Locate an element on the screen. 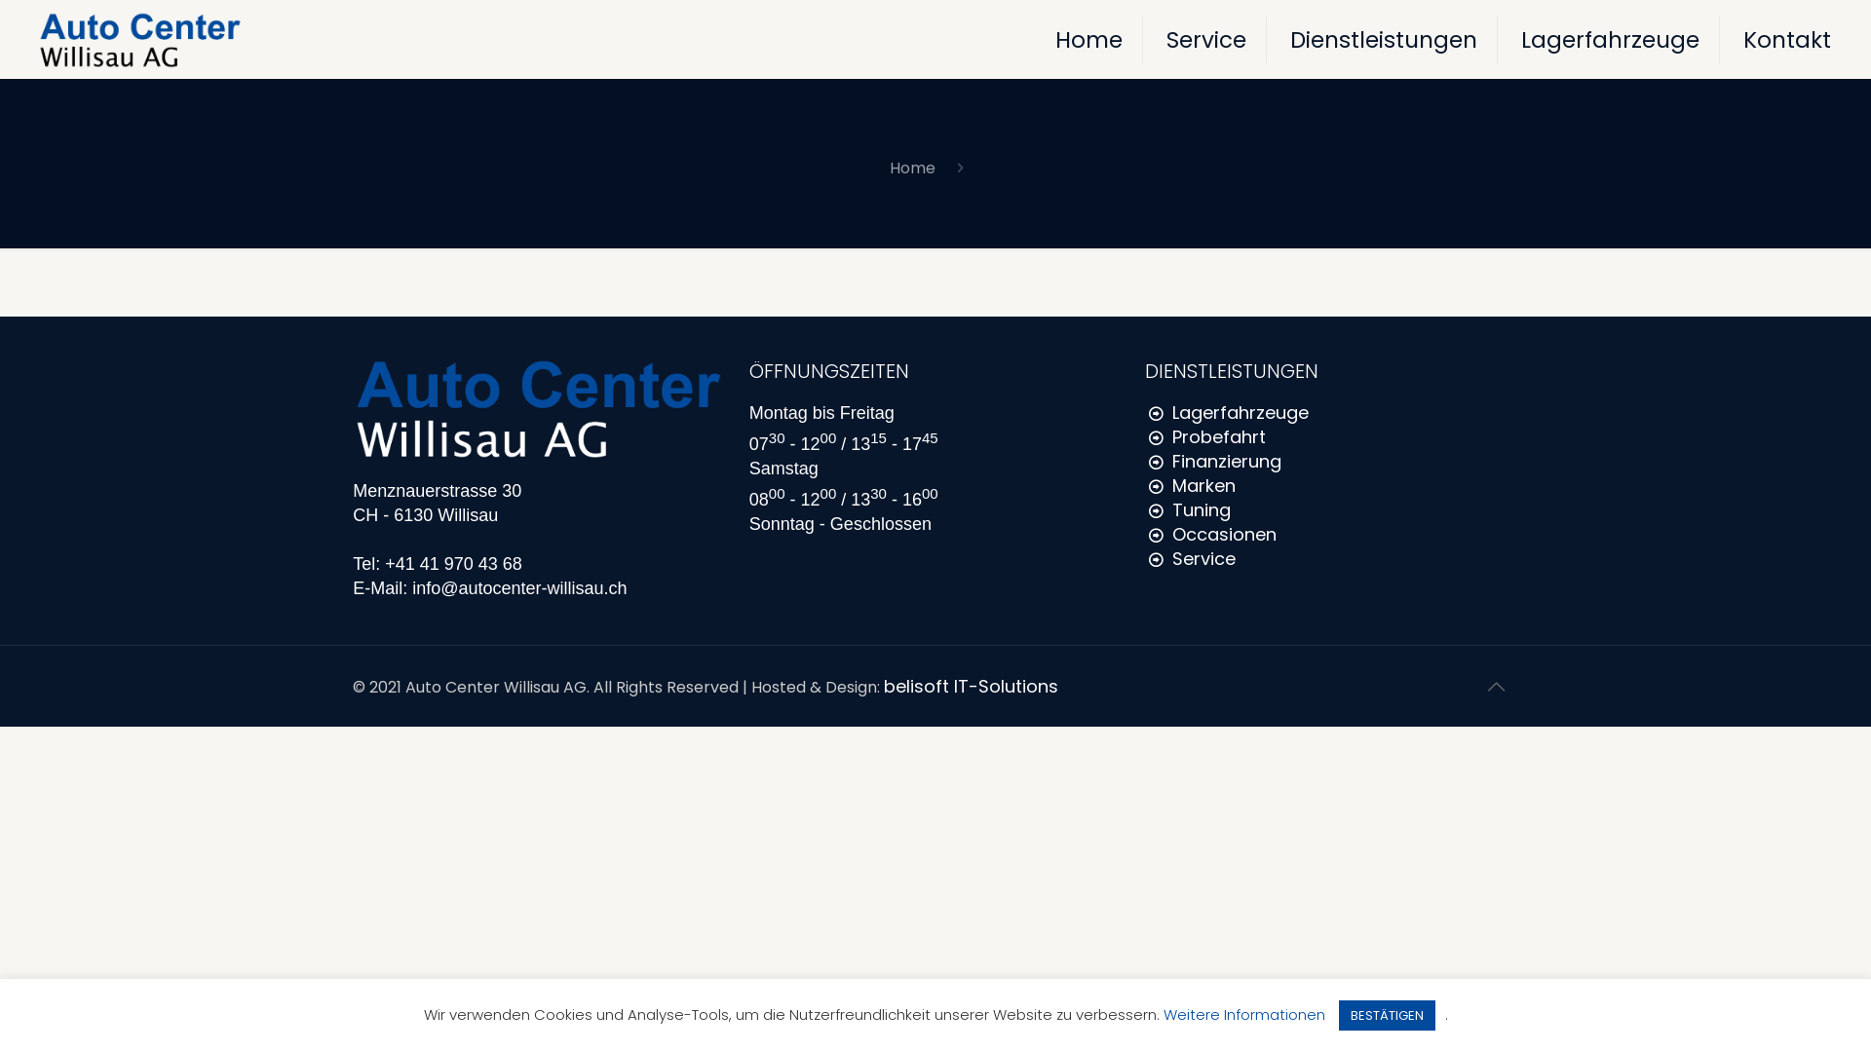 This screenshot has width=1871, height=1052. 'Weitere Informationen' is located at coordinates (1242, 1013).